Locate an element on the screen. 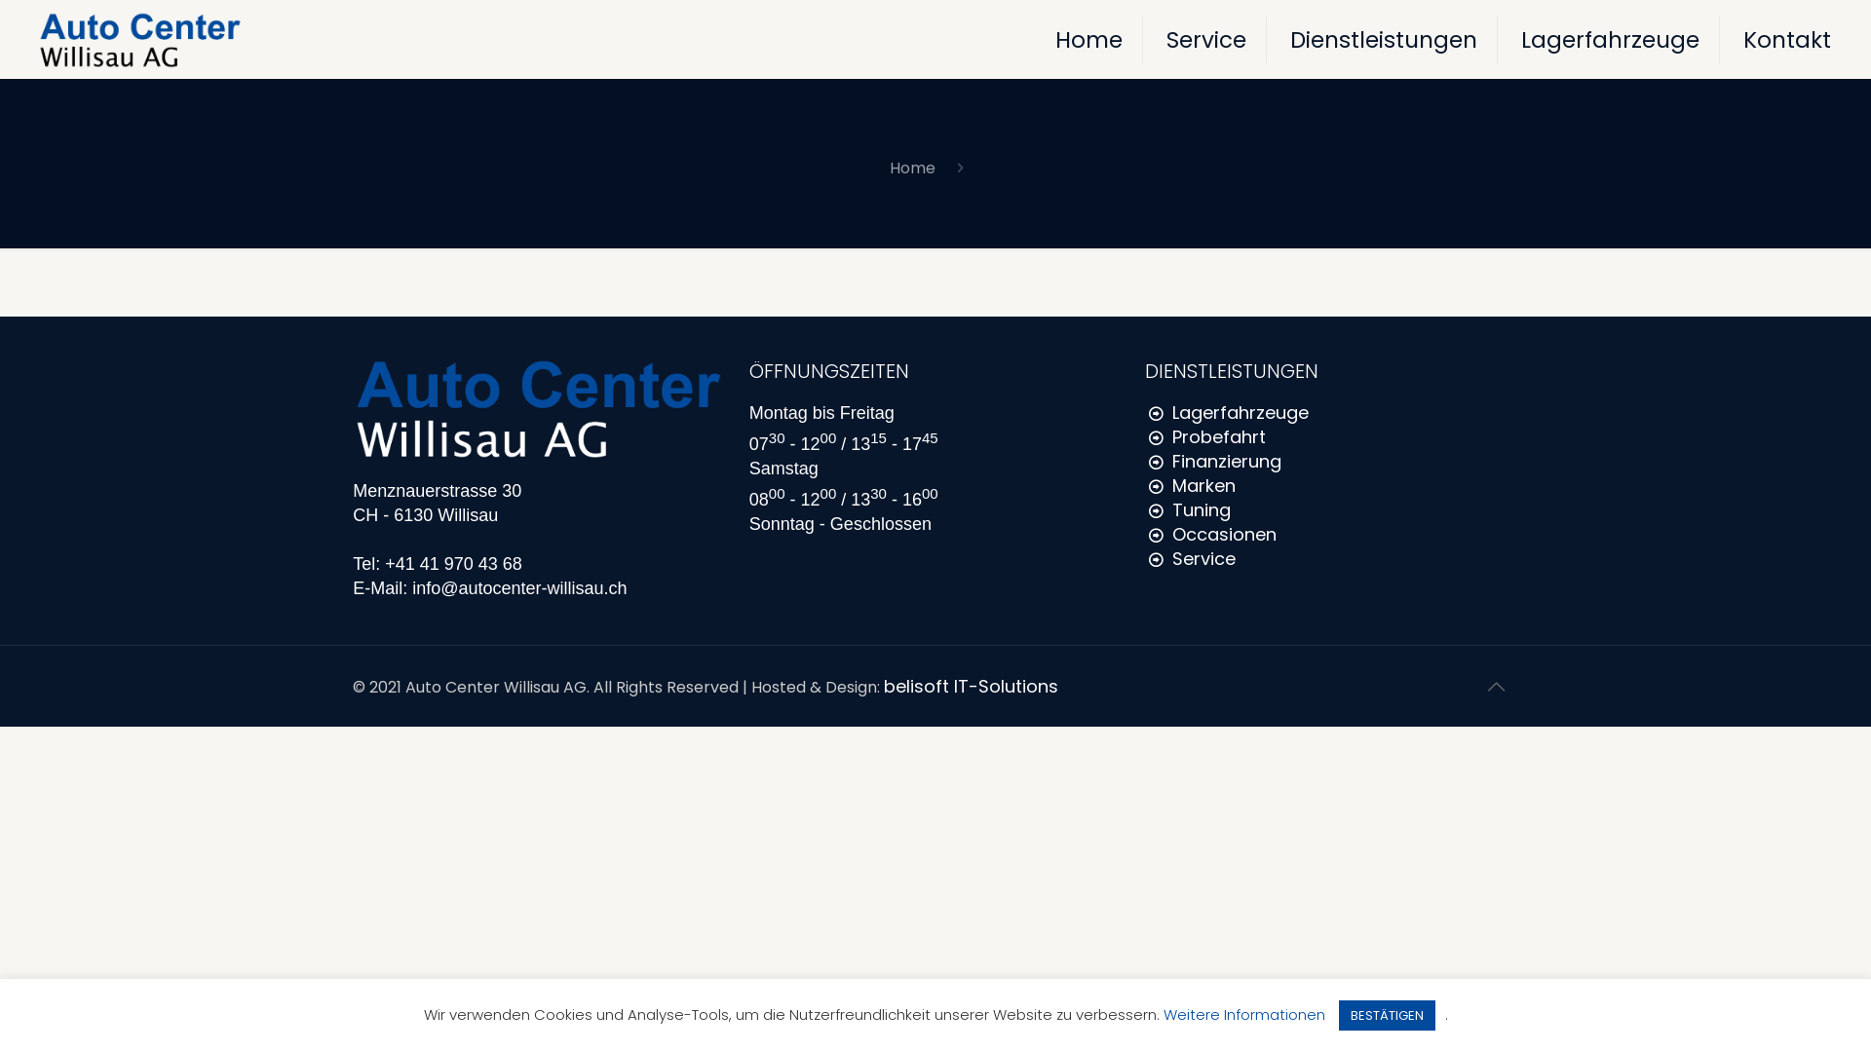 This screenshot has width=1871, height=1052. 'Weitere Informationen' is located at coordinates (1242, 1013).